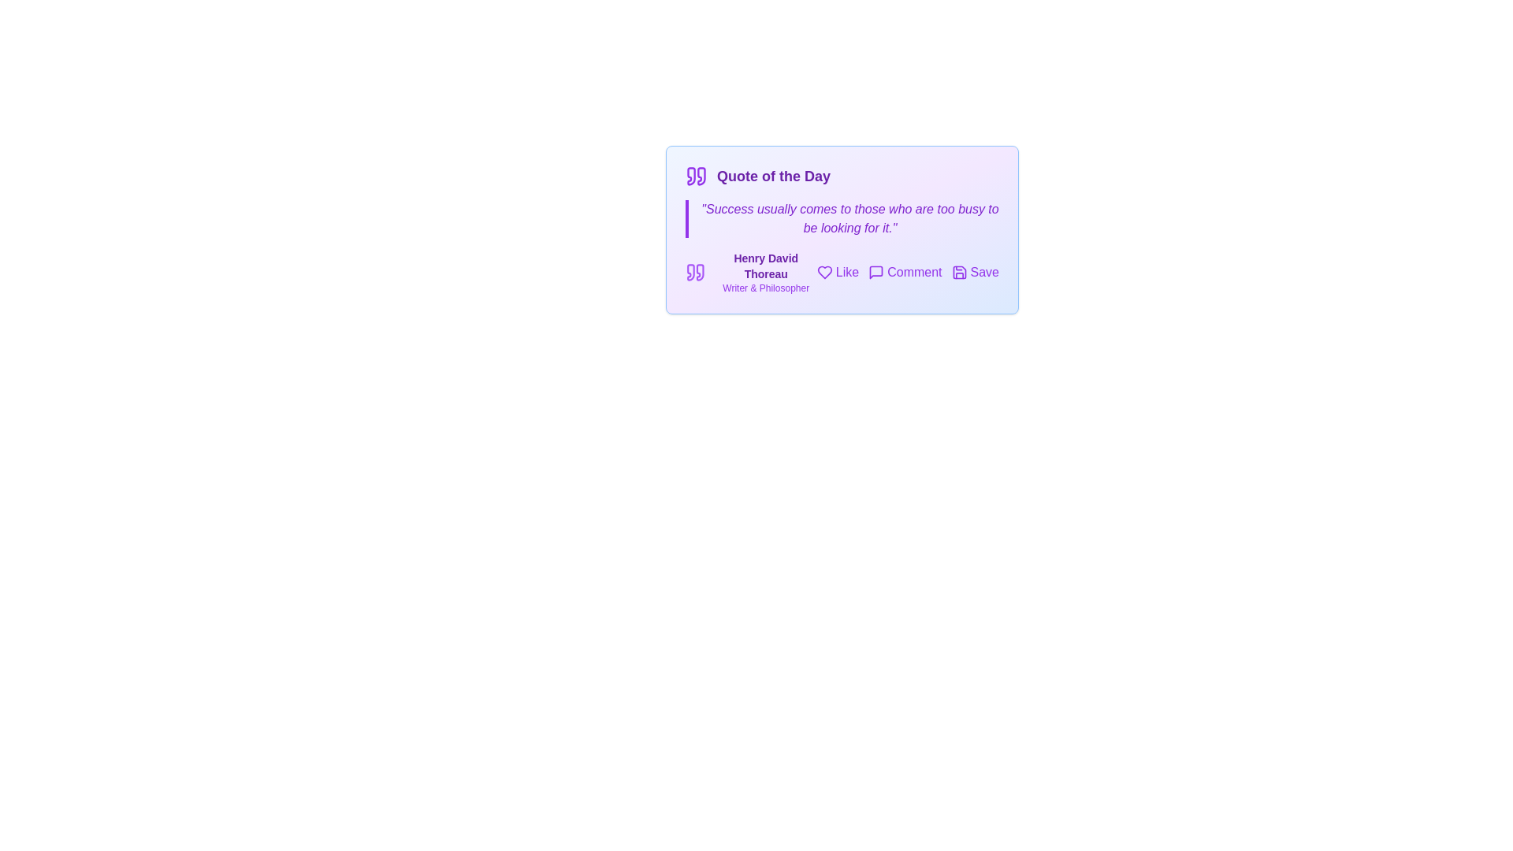 Image resolution: width=1513 pixels, height=851 pixels. What do you see at coordinates (823, 272) in the screenshot?
I see `the purple heart-shaped outlined icon located to the left of the 'Like' text in the row of interactive buttons below the quote section` at bounding box center [823, 272].